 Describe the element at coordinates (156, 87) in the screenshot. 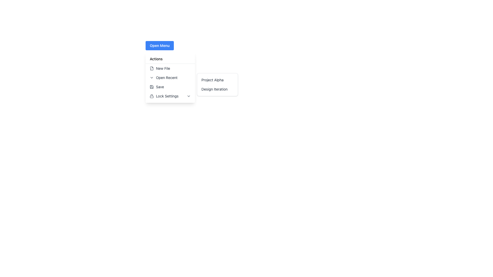

I see `the 'Save' menu item in the dropdown menu labeled 'Actions' to change its visual state` at that location.